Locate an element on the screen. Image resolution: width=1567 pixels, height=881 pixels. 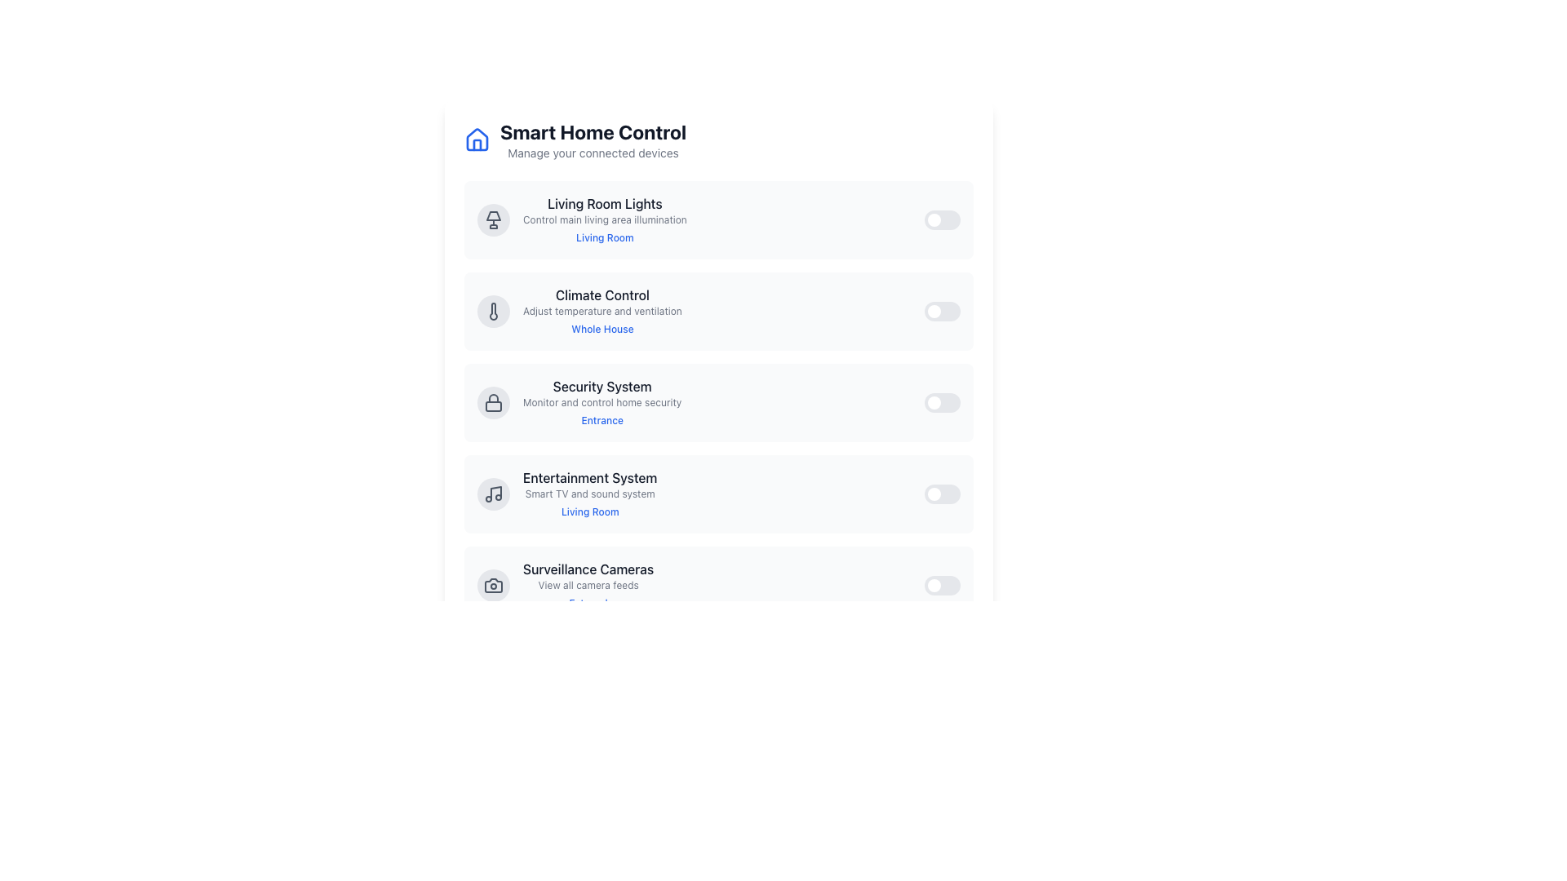
the text label that serves as the title for the associated entry in the list, positioned between 'Security System' and 'Surveillance Cameras' is located at coordinates (589, 477).